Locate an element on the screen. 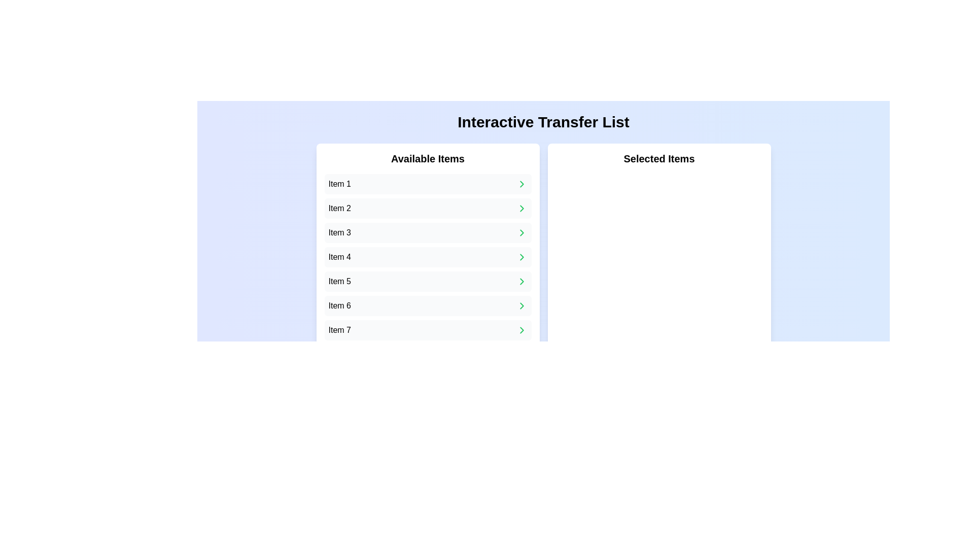 This screenshot has width=974, height=548. the 'Item 6' text label in the 'Available Items' list is located at coordinates (339, 305).